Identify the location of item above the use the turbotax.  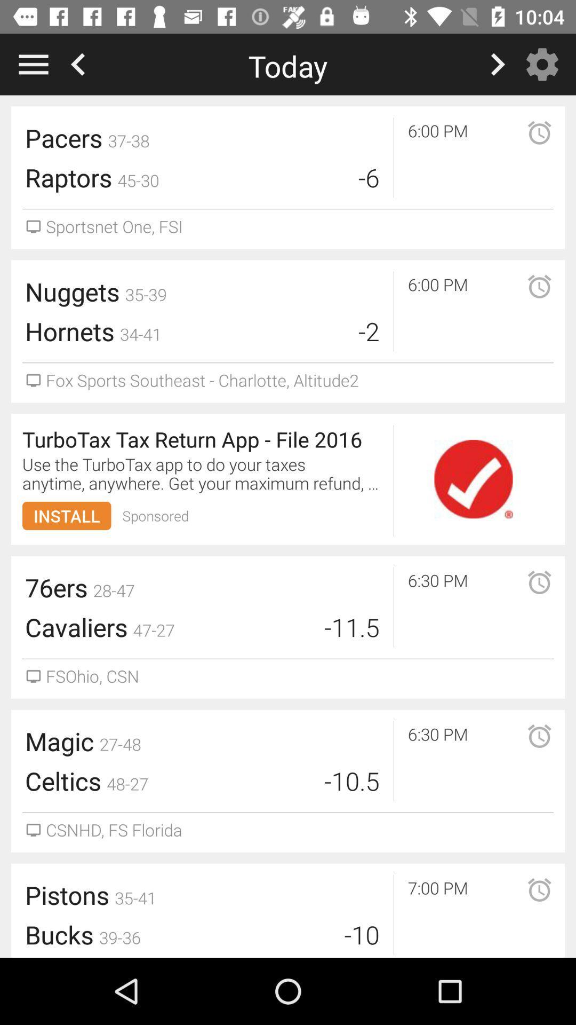
(204, 439).